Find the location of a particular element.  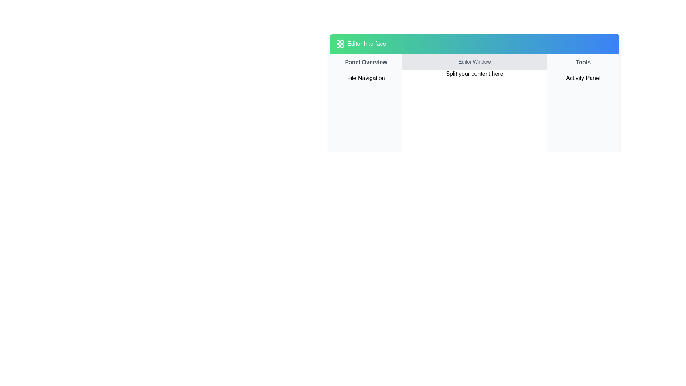

the icon with a grid-like design consisting of four squares arranged in a 2x2 pattern, located beside the text 'Editor Interface' in the top navigation section of the interface is located at coordinates (339, 44).